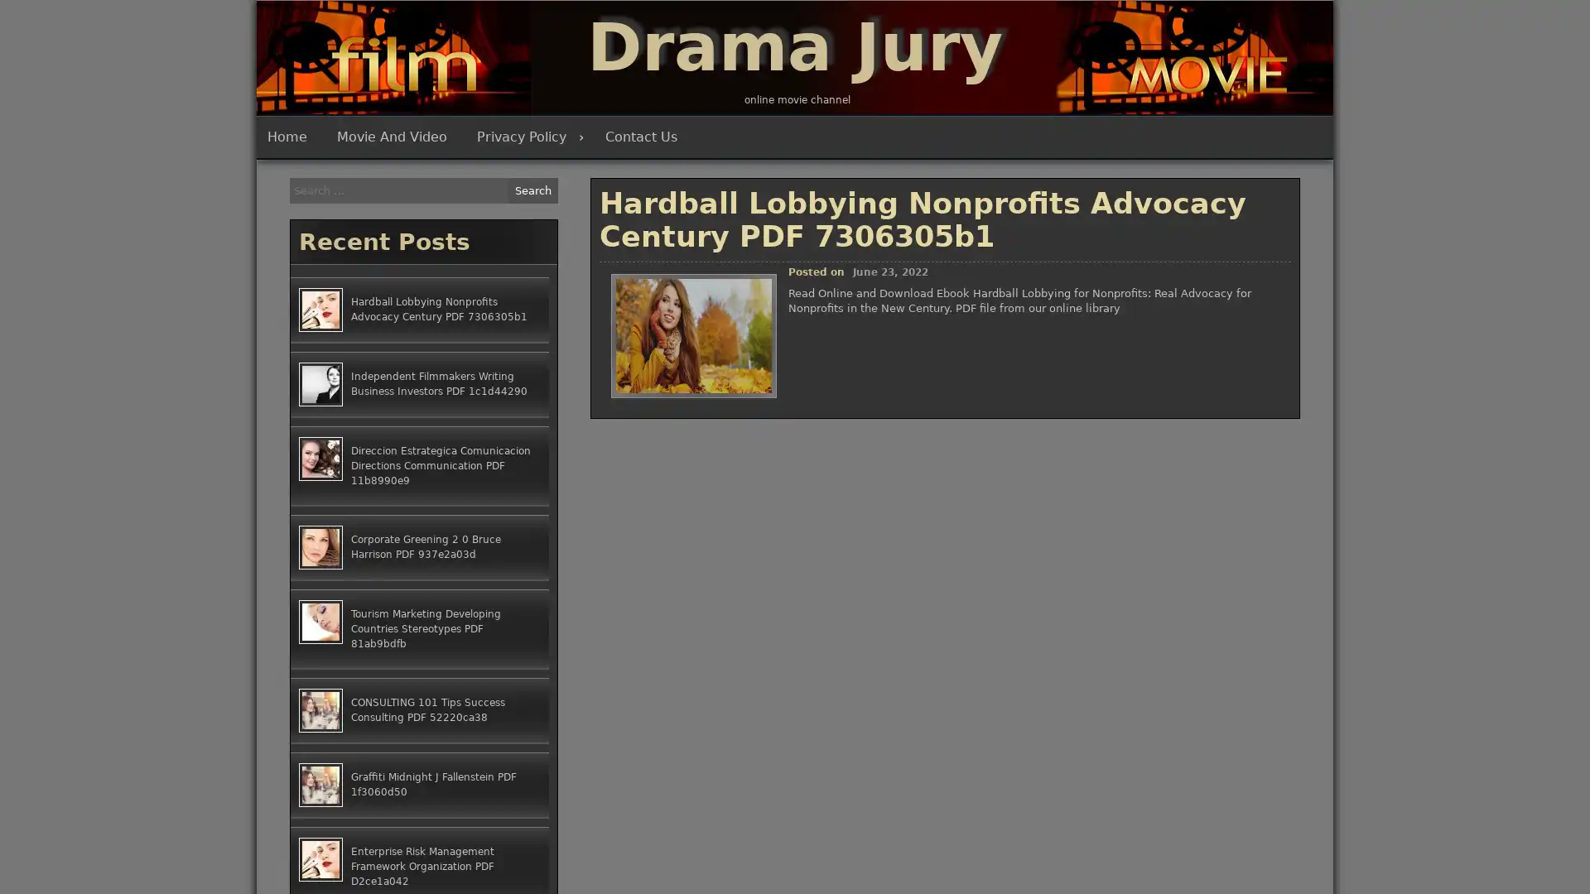  What do you see at coordinates (532, 190) in the screenshot?
I see `Search` at bounding box center [532, 190].